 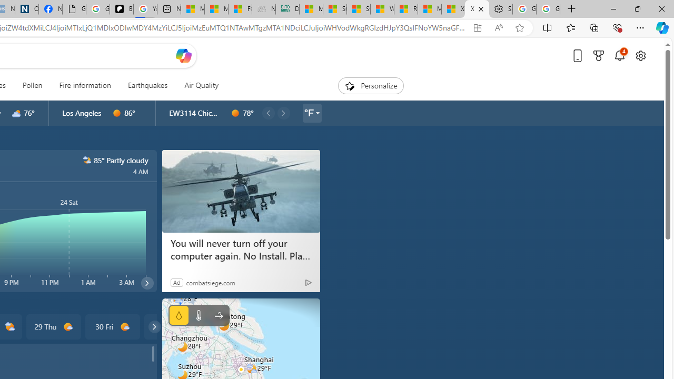 What do you see at coordinates (201, 85) in the screenshot?
I see `'Air Quality'` at bounding box center [201, 85].